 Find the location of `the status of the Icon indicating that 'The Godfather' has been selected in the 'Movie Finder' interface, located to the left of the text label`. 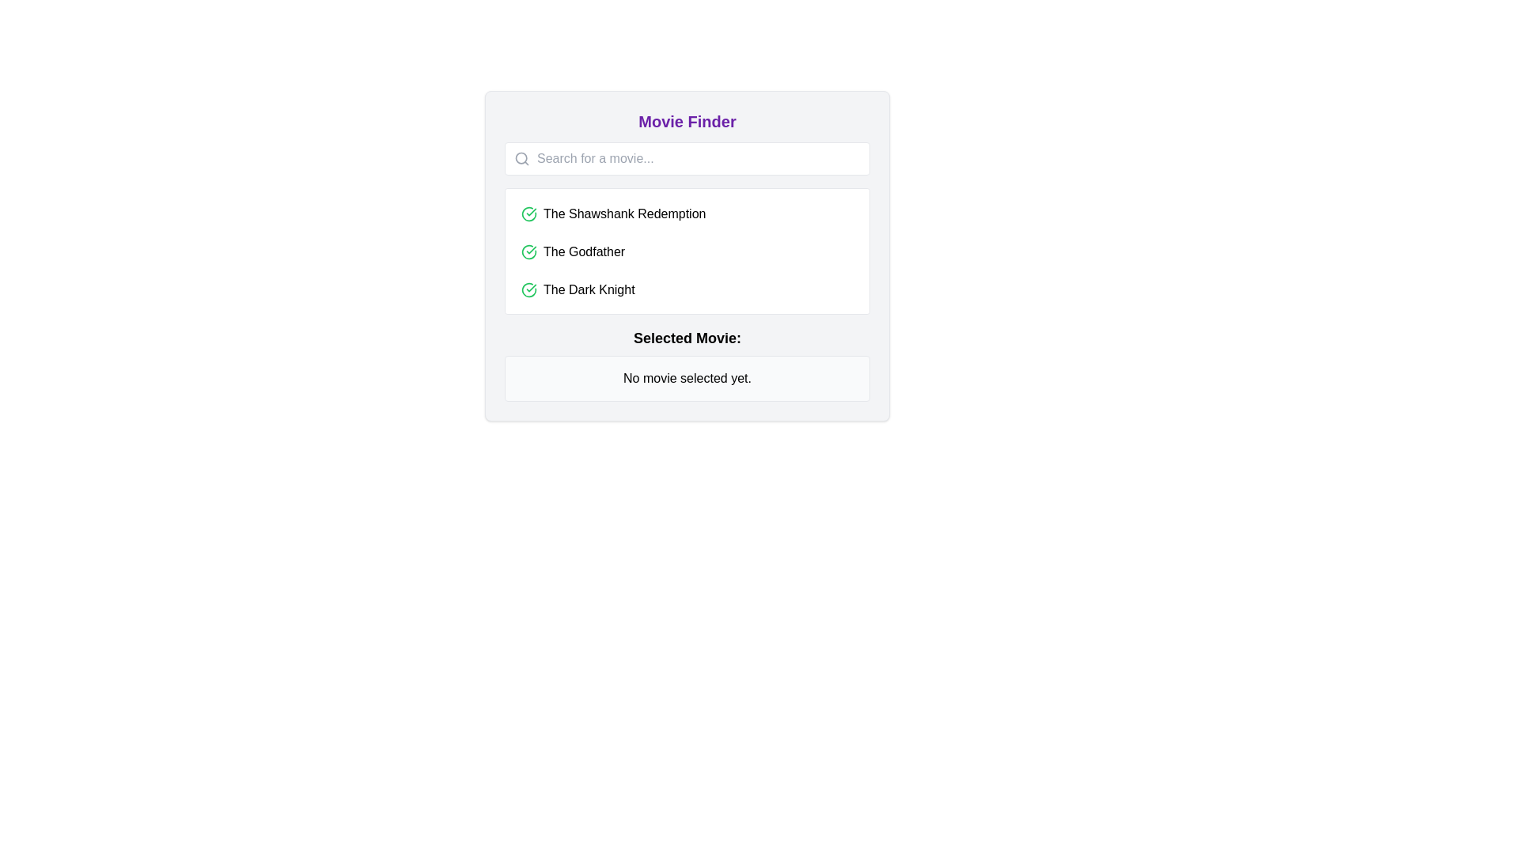

the status of the Icon indicating that 'The Godfather' has been selected in the 'Movie Finder' interface, located to the left of the text label is located at coordinates (528, 251).